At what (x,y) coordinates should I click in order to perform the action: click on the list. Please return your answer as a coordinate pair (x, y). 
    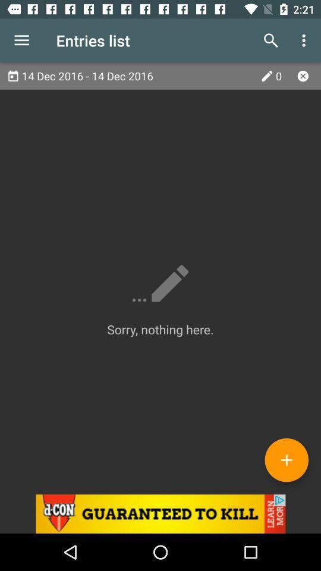
    Looking at the image, I should click on (303, 75).